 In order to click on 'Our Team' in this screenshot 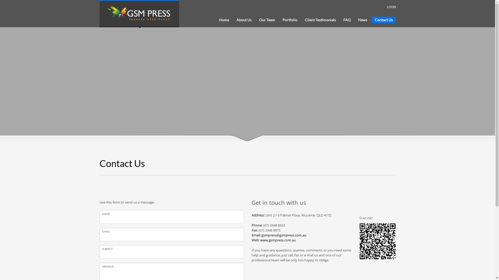, I will do `click(267, 20)`.